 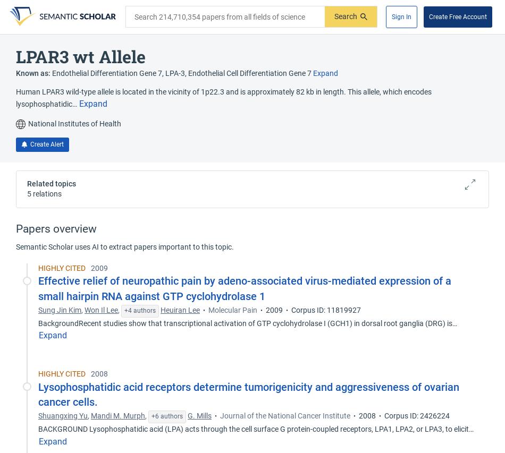 What do you see at coordinates (256, 428) in the screenshot?
I see `'BACKGROUND
Lysophosphatidic acid (LPA) acts through the cell surface G protein-coupled receptors, LPA1, LPA2, or LPA3, to elicit…'` at bounding box center [256, 428].